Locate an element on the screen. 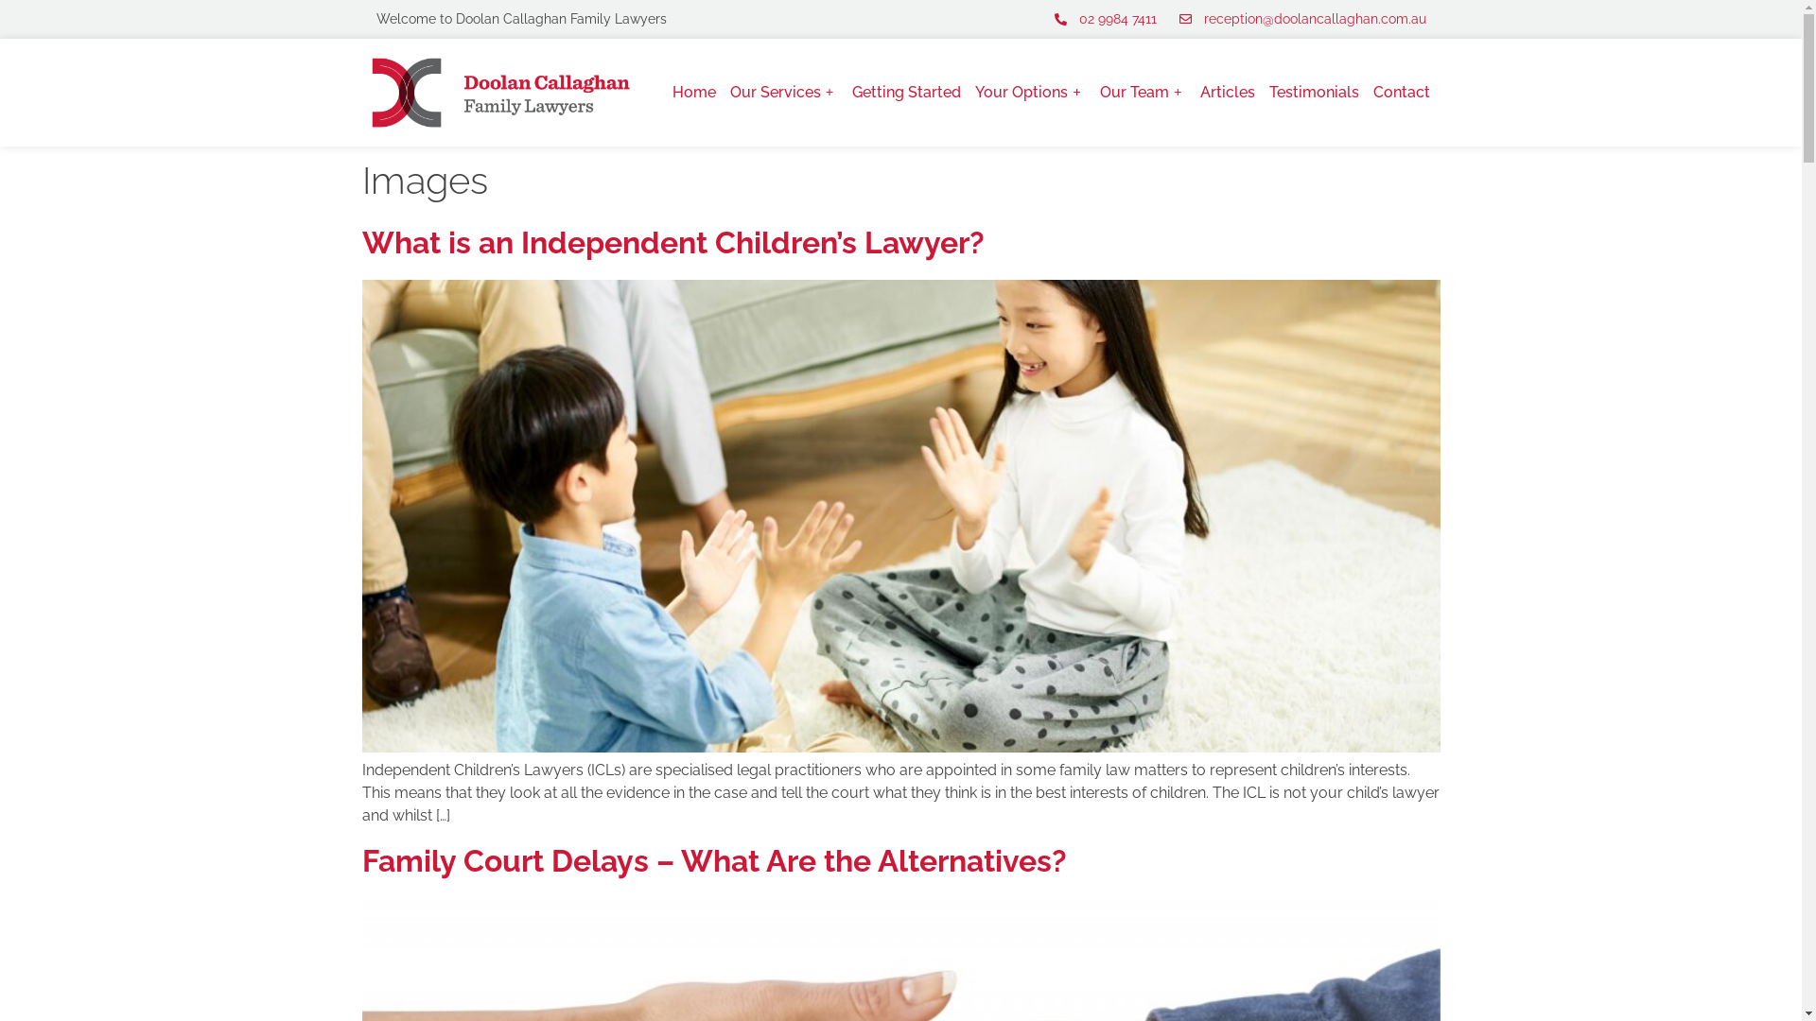 The width and height of the screenshot is (1816, 1021). 'Home' is located at coordinates (672, 92).